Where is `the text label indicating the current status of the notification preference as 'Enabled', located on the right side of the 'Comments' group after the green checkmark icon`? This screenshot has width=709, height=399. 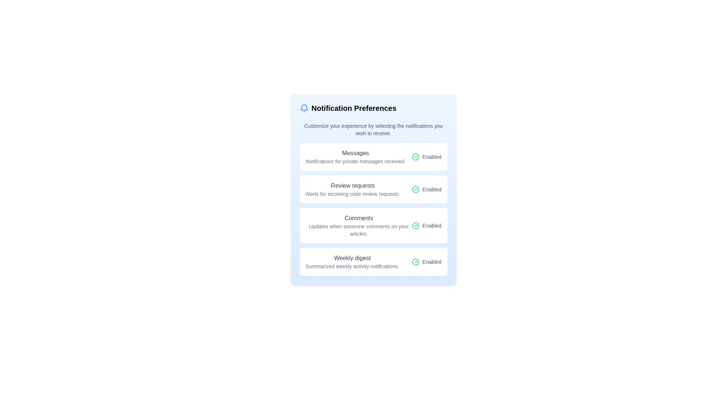 the text label indicating the current status of the notification preference as 'Enabled', located on the right side of the 'Comments' group after the green checkmark icon is located at coordinates (432, 225).